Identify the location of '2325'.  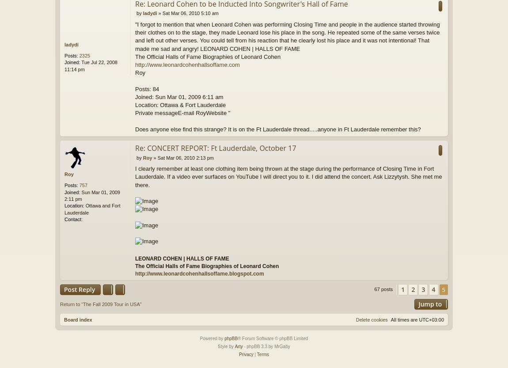
(84, 55).